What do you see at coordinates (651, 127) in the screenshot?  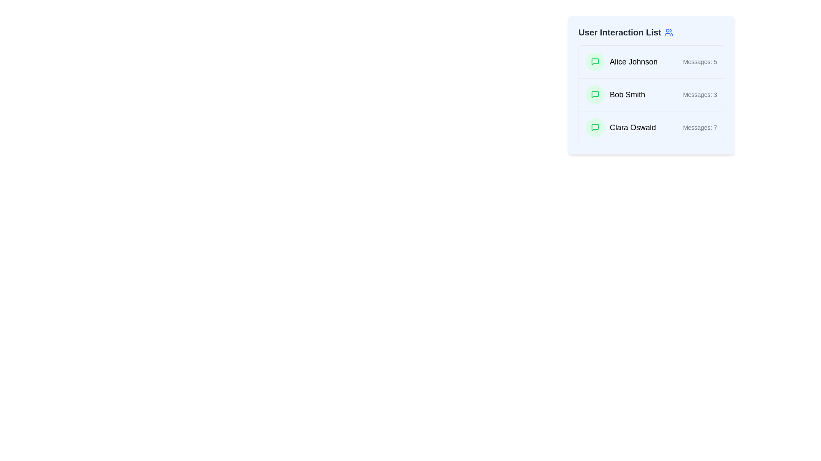 I see `the list item corresponding to Clara Oswald` at bounding box center [651, 127].